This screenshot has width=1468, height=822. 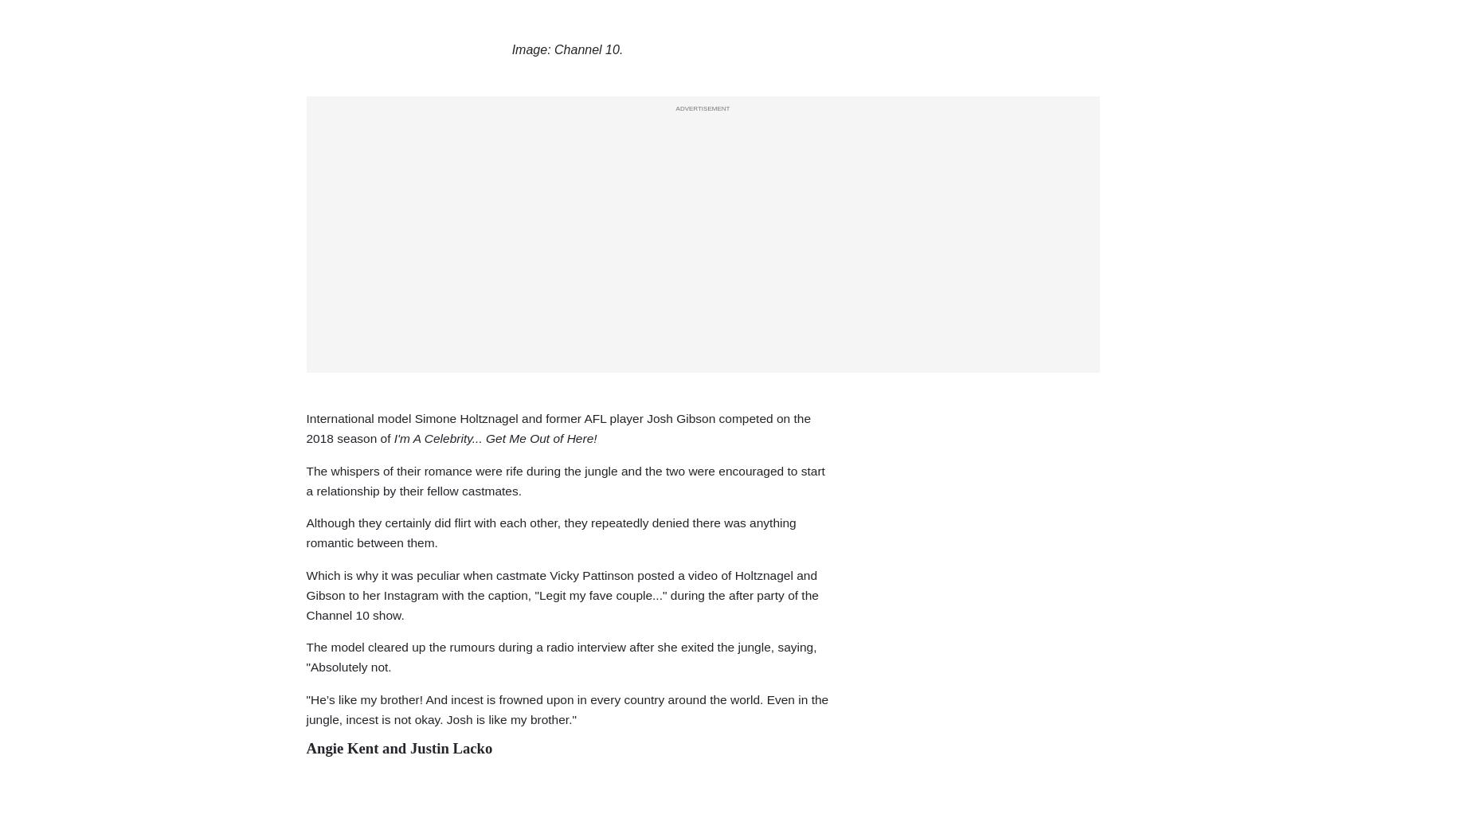 I want to click on 'ADVERTISEMENT', so click(x=675, y=107).